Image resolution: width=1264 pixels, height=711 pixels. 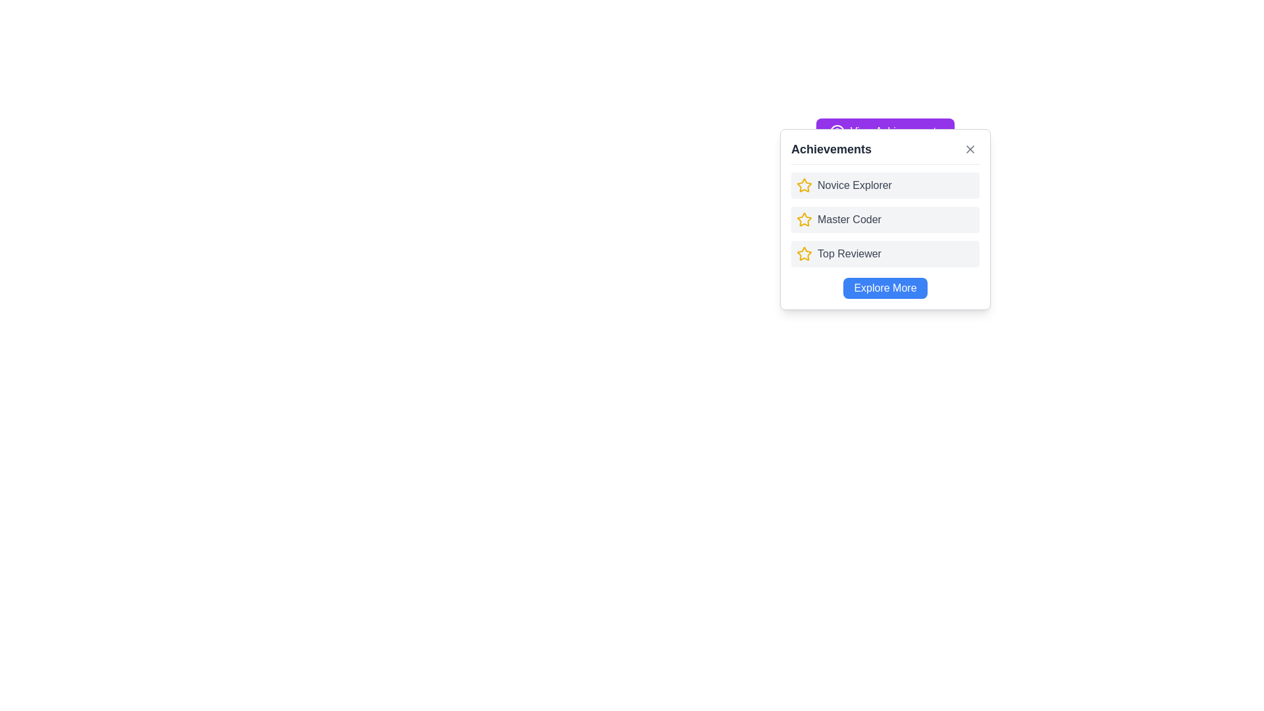 I want to click on the static heading labeled 'Achievements' that serves to label the section below it, so click(x=830, y=149).